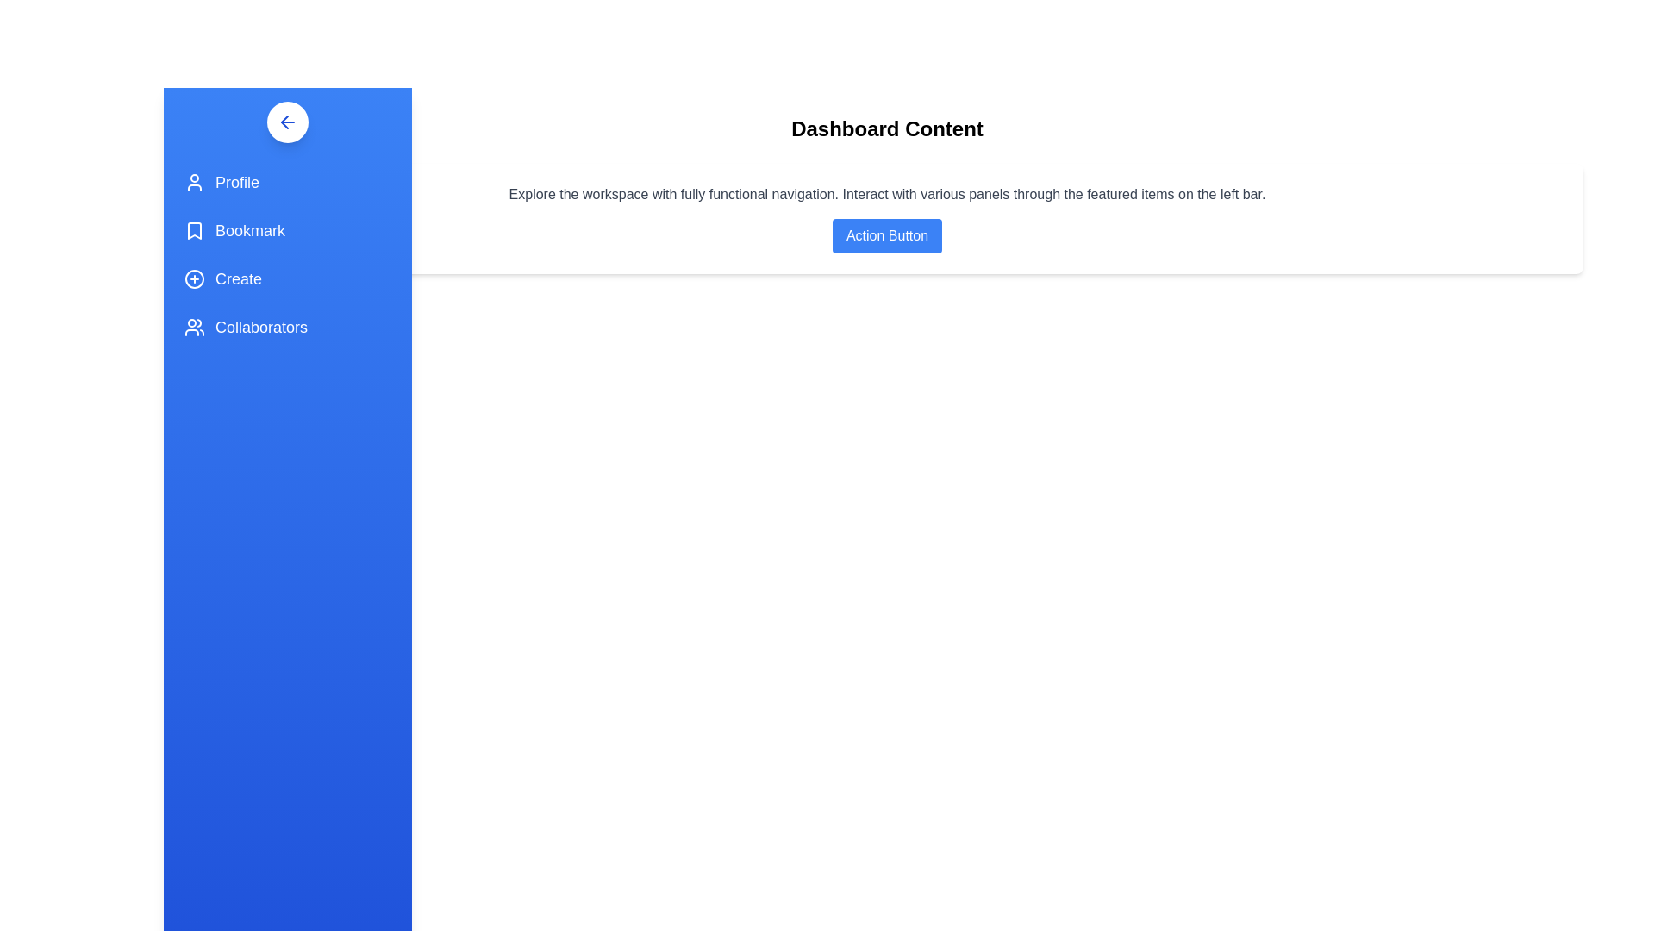 This screenshot has height=931, width=1655. Describe the element at coordinates (288, 229) in the screenshot. I see `the navigation item Bookmark to navigate to the respective section` at that location.